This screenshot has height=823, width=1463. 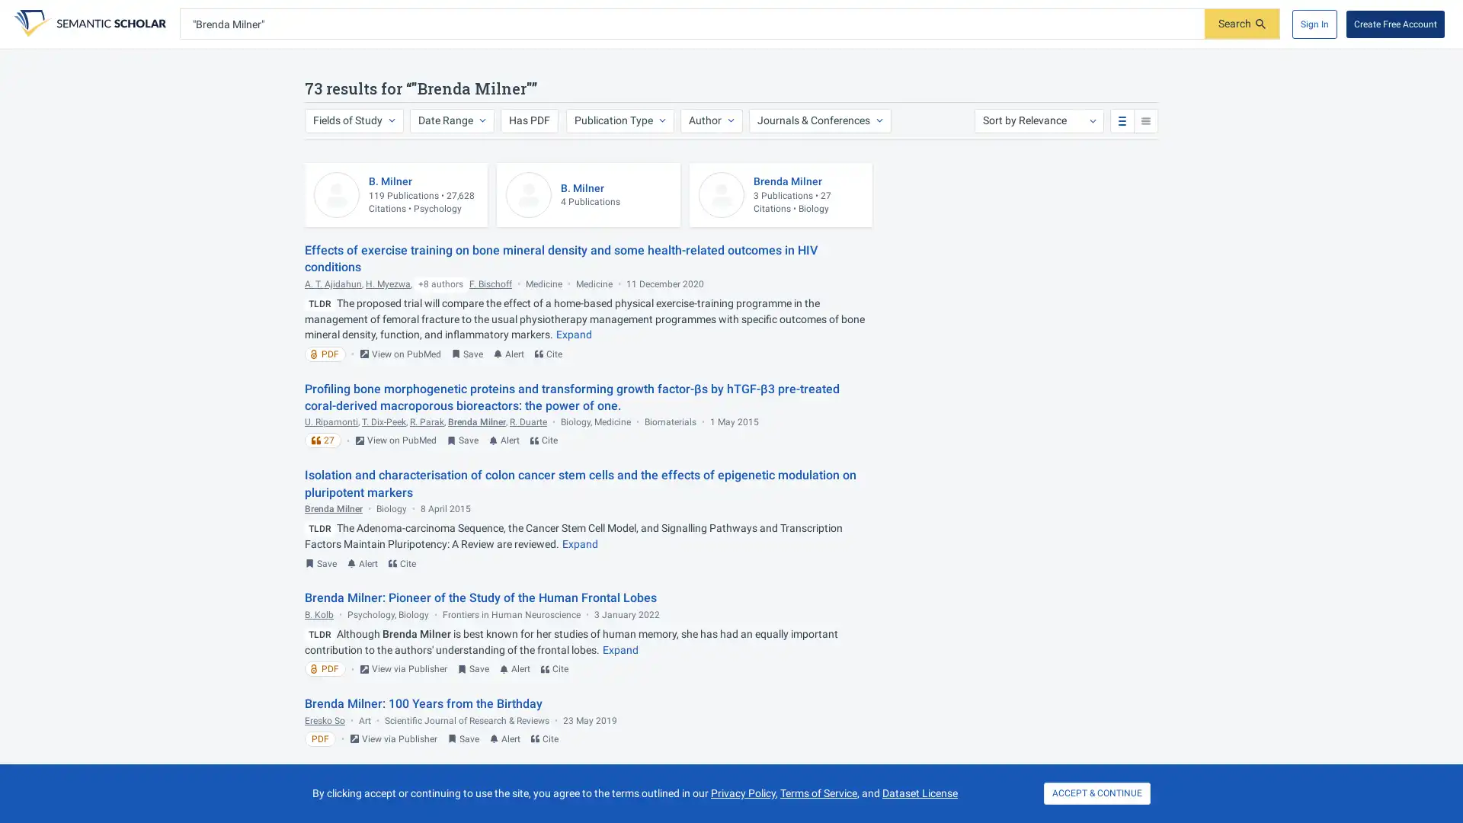 What do you see at coordinates (463, 738) in the screenshot?
I see `Save to Library` at bounding box center [463, 738].